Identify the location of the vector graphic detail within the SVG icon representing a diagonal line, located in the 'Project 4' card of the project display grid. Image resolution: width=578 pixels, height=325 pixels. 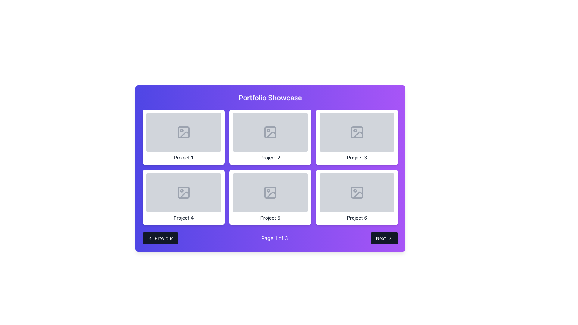
(184, 195).